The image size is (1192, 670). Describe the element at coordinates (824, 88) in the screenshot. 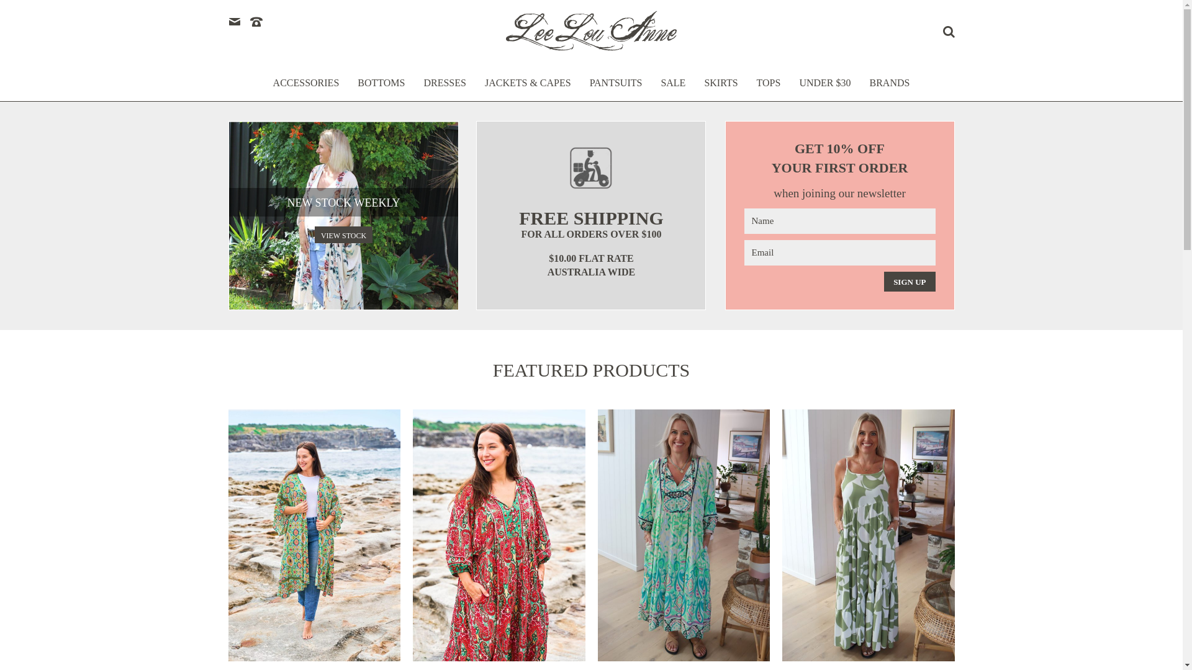

I see `'UNDER $30'` at that location.